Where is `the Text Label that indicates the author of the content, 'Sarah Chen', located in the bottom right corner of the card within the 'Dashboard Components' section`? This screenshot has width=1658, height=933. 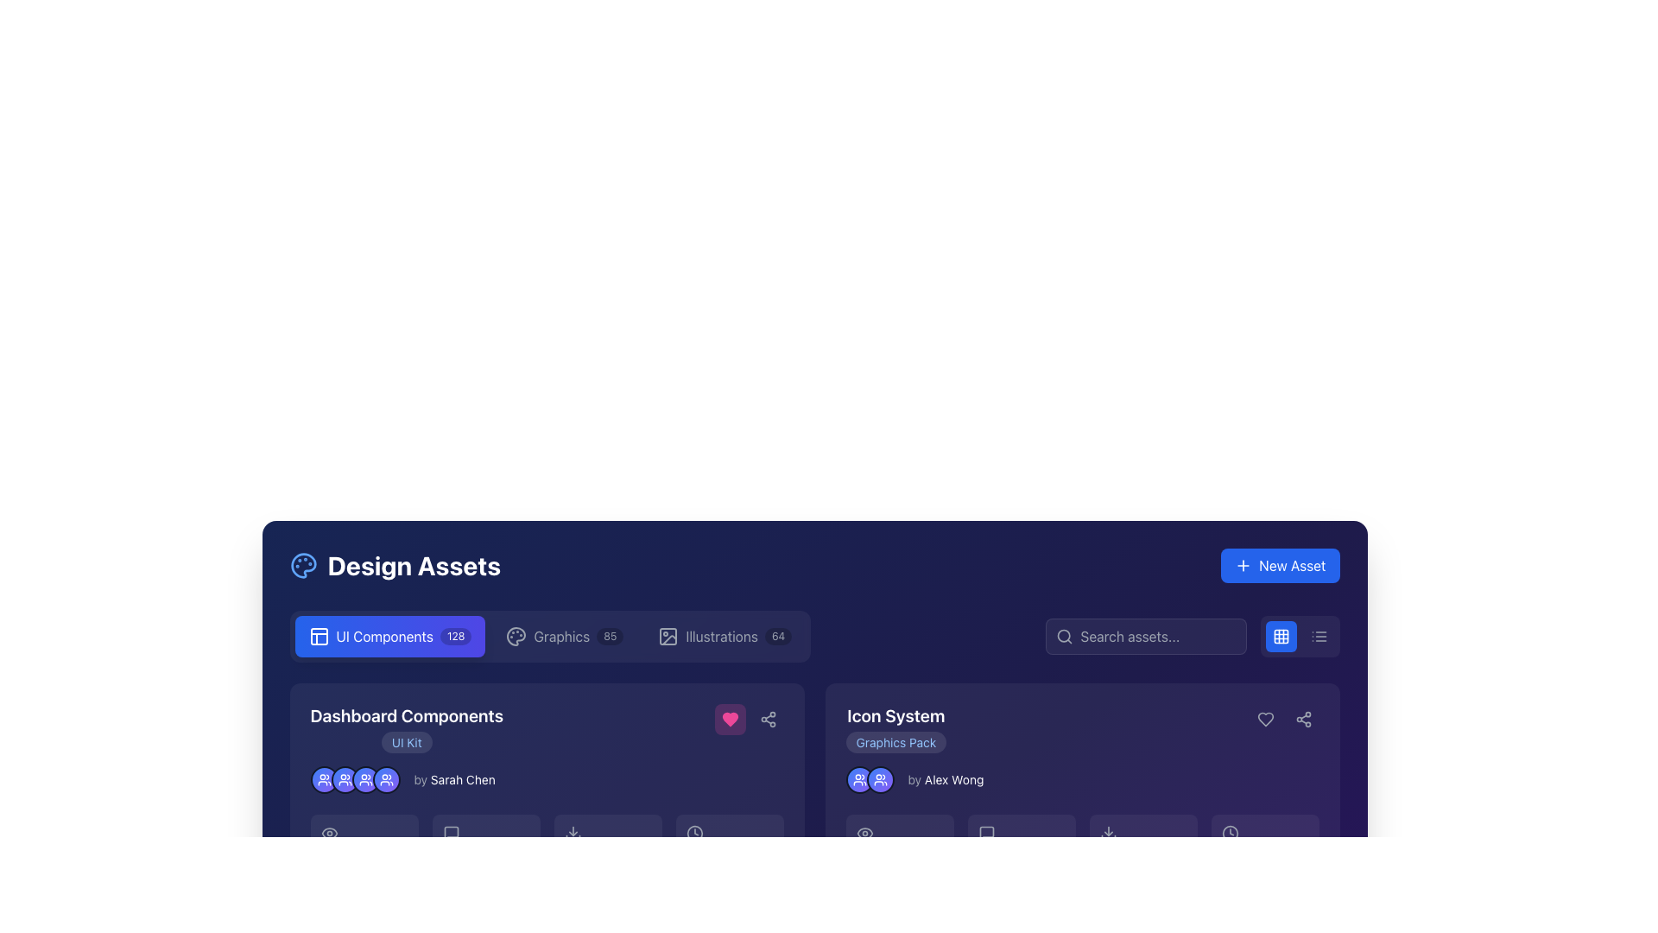
the Text Label that indicates the author of the content, 'Sarah Chen', located in the bottom right corner of the card within the 'Dashboard Components' section is located at coordinates (454, 779).